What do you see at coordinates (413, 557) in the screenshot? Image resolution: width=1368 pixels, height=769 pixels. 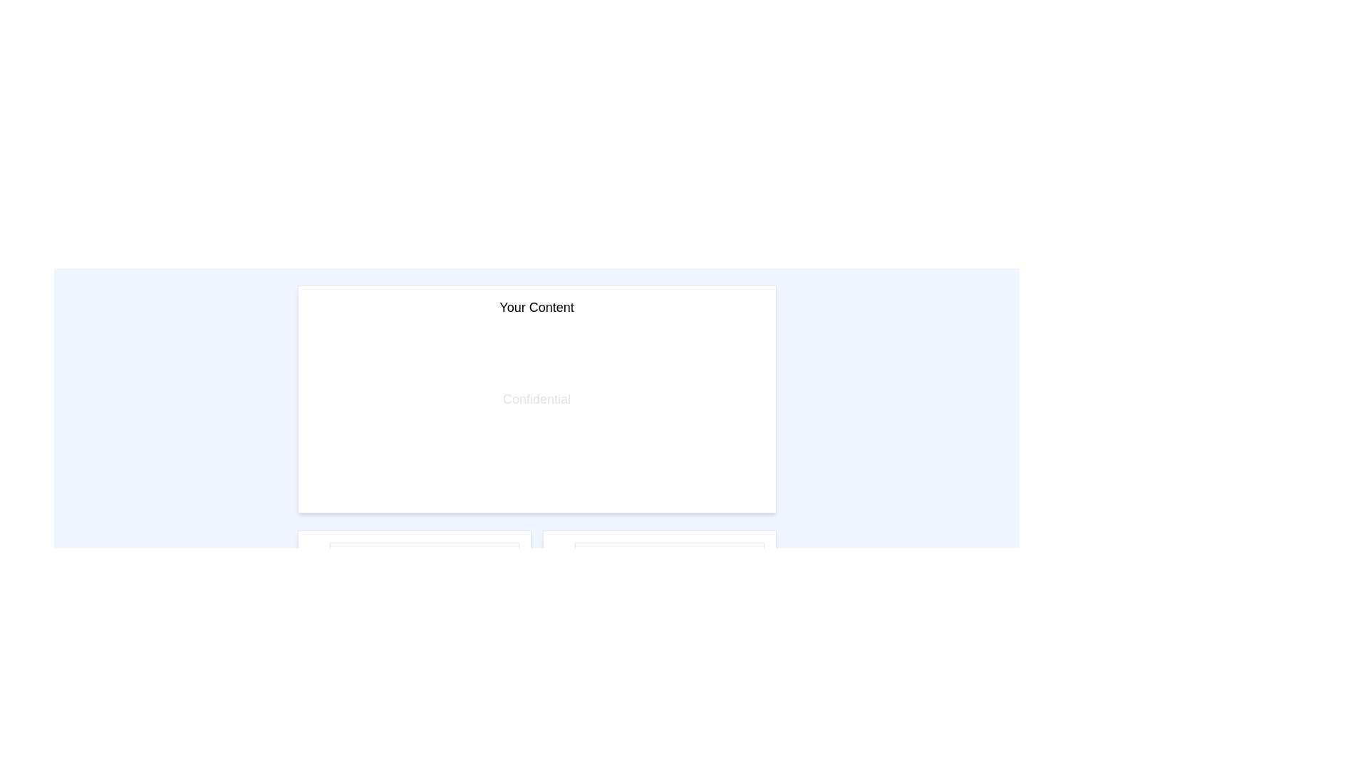 I see `the combined UI component featuring an icon and a text input field, located below the heading 'Your Content'` at bounding box center [413, 557].